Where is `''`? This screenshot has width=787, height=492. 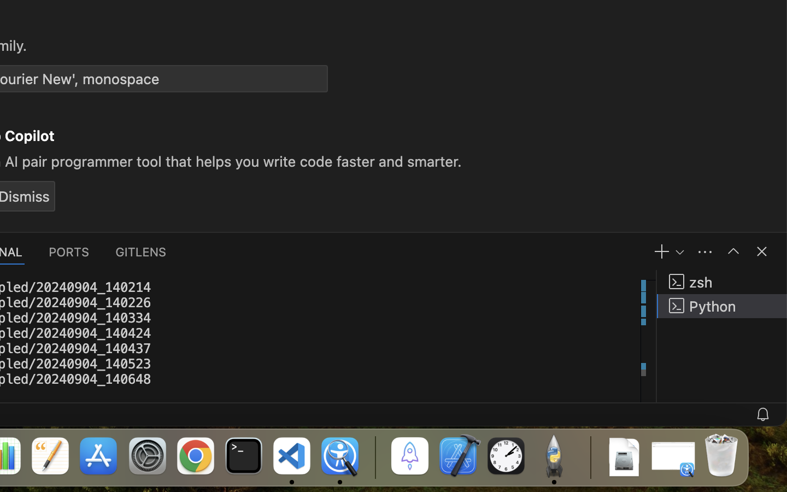
'' is located at coordinates (762, 250).